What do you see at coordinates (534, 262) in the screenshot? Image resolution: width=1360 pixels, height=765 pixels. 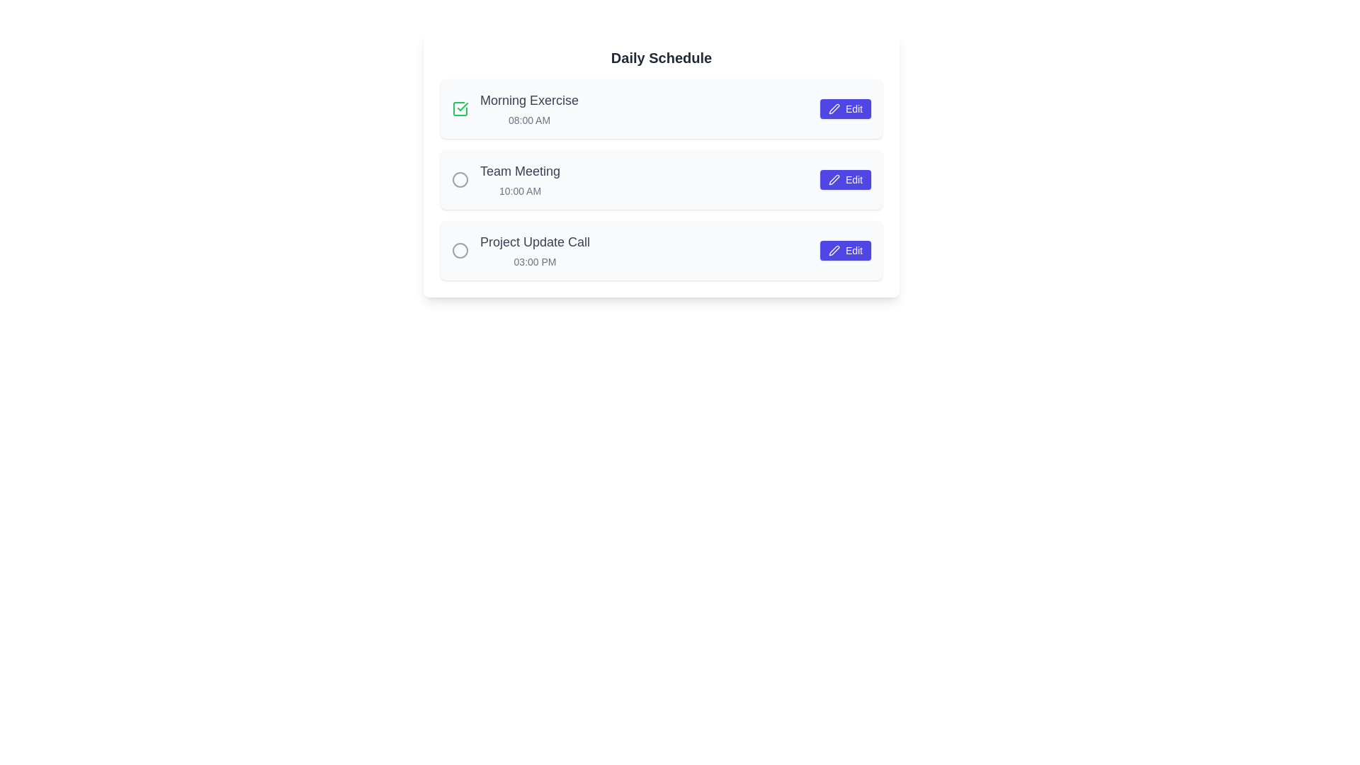 I see `the text label displaying '03:00 PM', which is located below the title 'Project Update Call'` at bounding box center [534, 262].